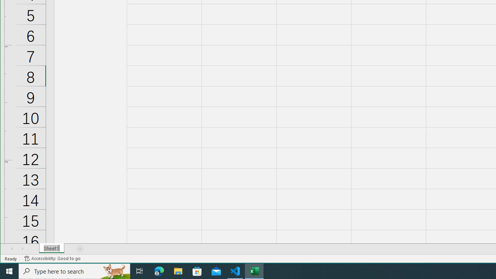  What do you see at coordinates (74, 270) in the screenshot?
I see `'Type here to search'` at bounding box center [74, 270].